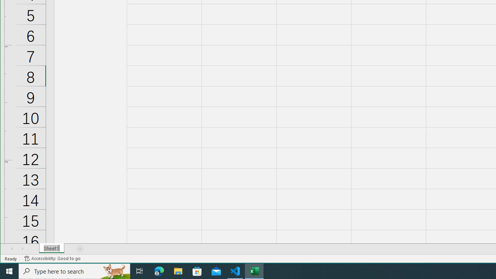  What do you see at coordinates (74, 270) in the screenshot?
I see `'Type here to search'` at bounding box center [74, 270].